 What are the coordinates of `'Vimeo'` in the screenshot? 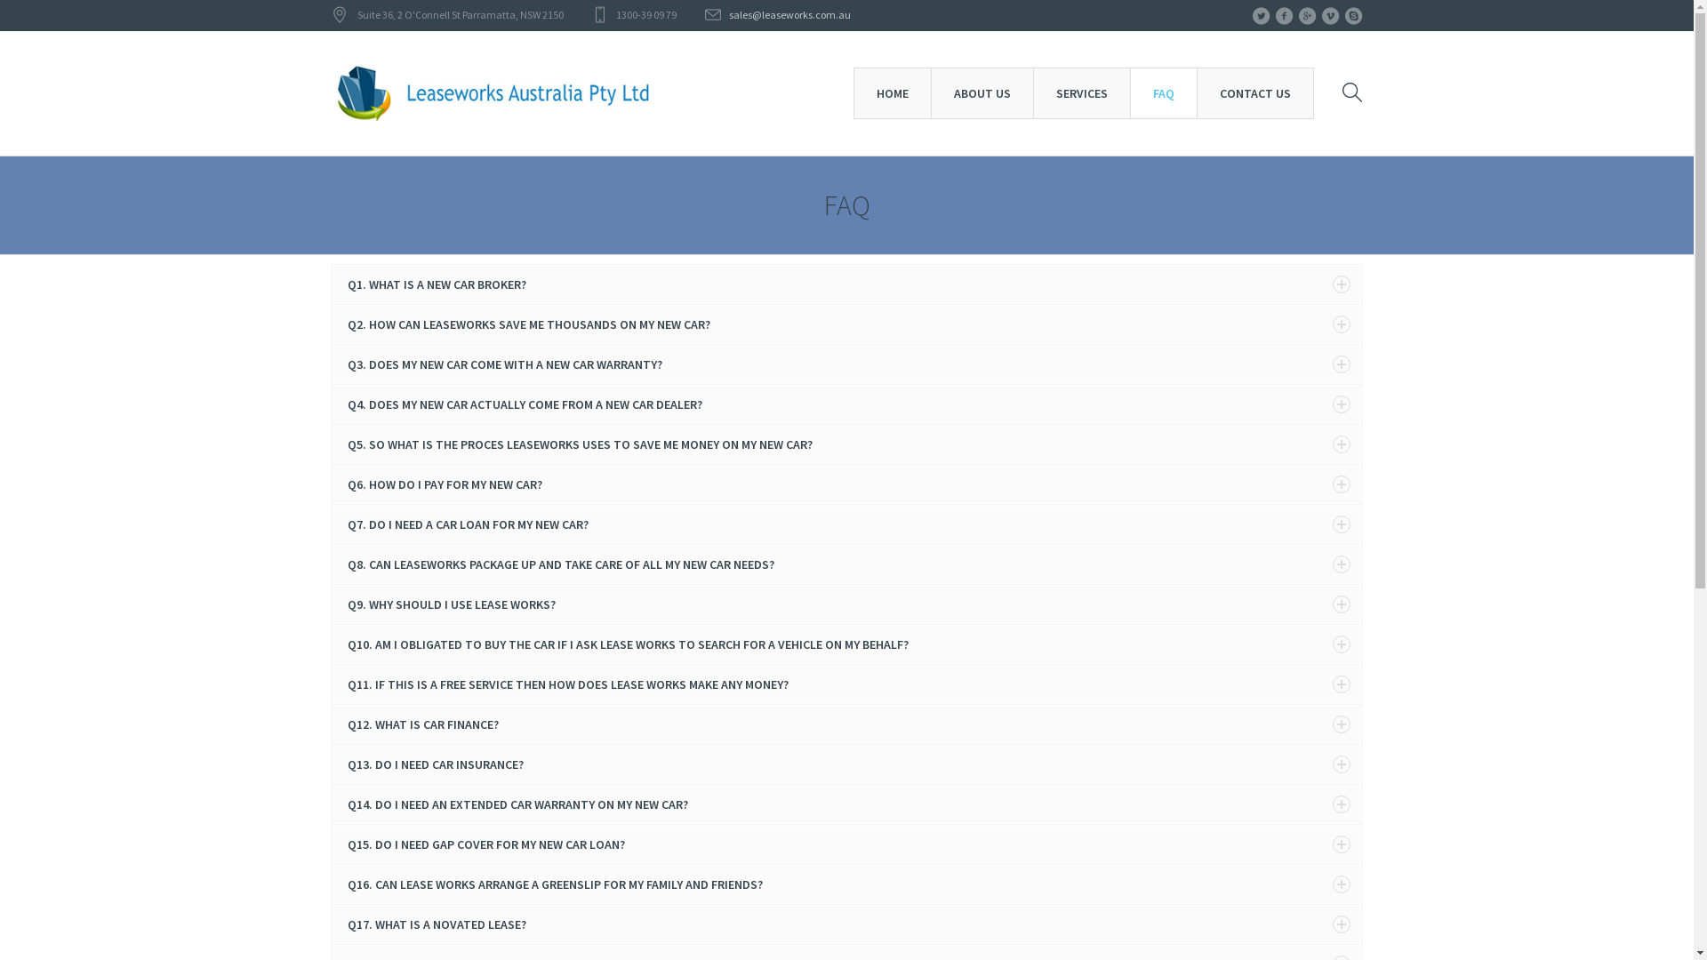 It's located at (1321, 16).